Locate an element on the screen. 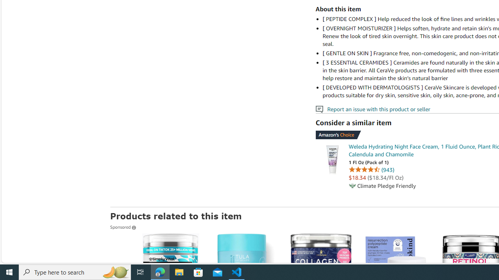 This screenshot has width=499, height=280. '943 ratings' is located at coordinates (388, 169).